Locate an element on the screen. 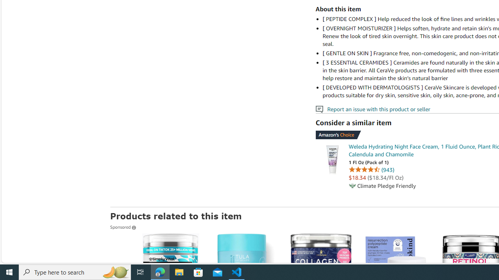 This screenshot has width=499, height=280. '943 ratings' is located at coordinates (388, 169).